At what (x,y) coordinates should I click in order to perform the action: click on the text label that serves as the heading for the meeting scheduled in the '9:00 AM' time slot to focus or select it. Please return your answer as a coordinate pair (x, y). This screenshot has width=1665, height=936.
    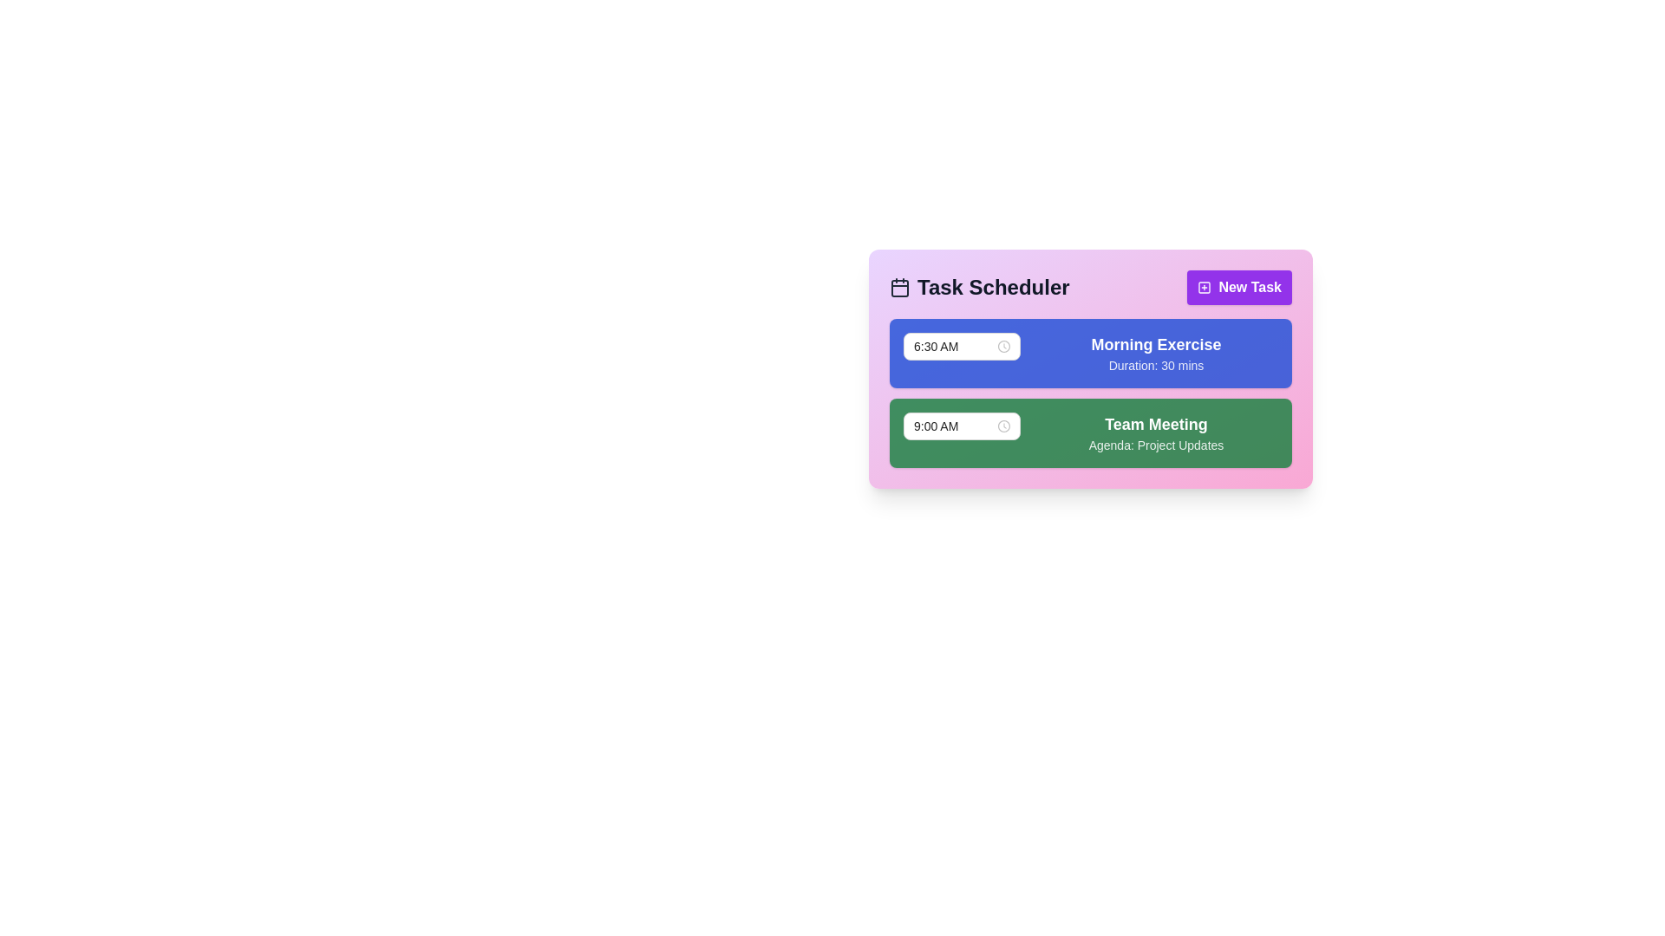
    Looking at the image, I should click on (1156, 424).